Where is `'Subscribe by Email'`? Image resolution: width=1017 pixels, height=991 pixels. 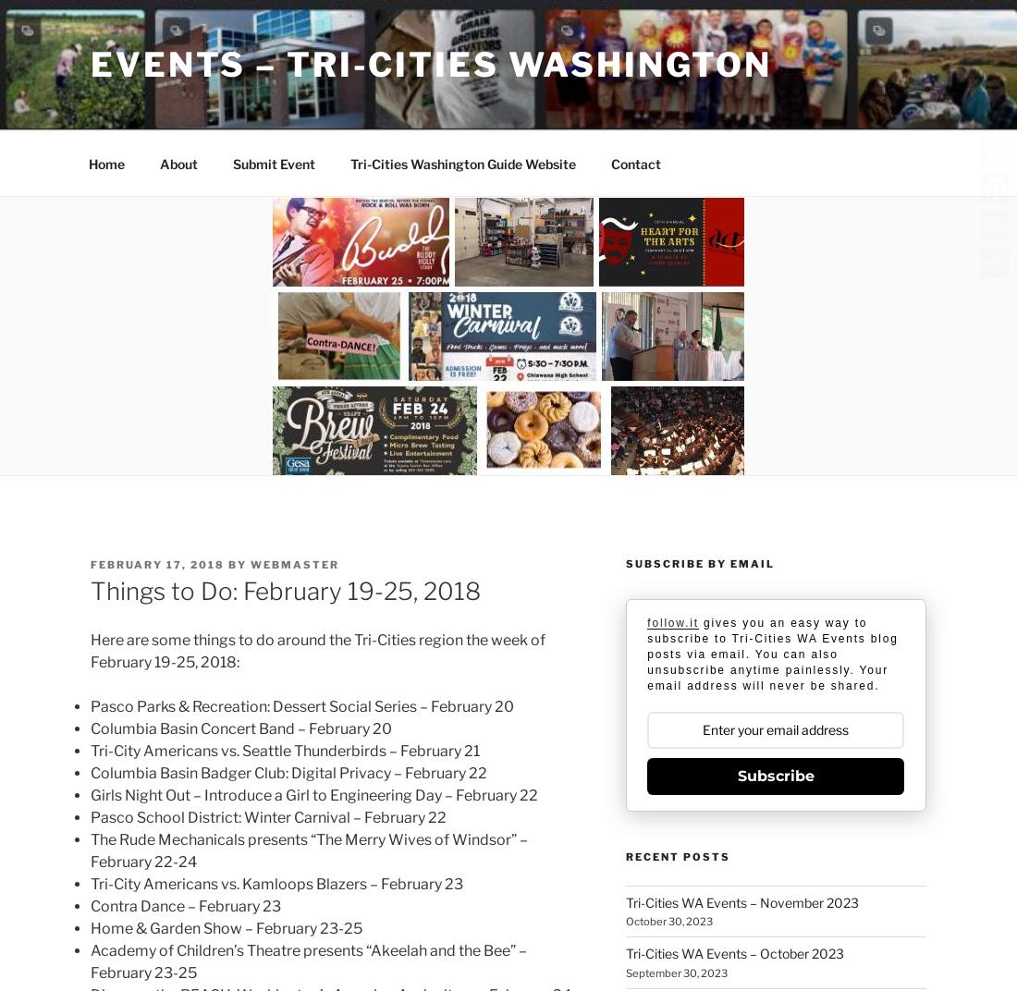
'Subscribe by Email' is located at coordinates (698, 563).